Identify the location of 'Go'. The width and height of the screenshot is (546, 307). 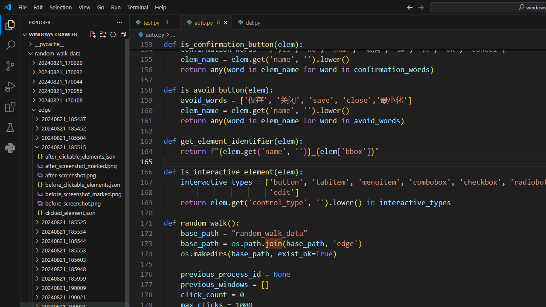
(101, 7).